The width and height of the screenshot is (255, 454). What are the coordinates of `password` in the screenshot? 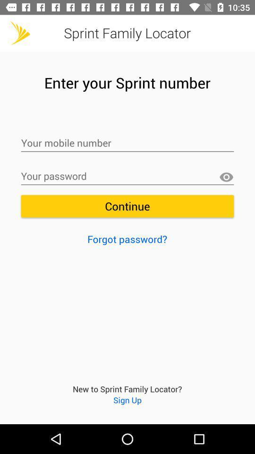 It's located at (127, 176).